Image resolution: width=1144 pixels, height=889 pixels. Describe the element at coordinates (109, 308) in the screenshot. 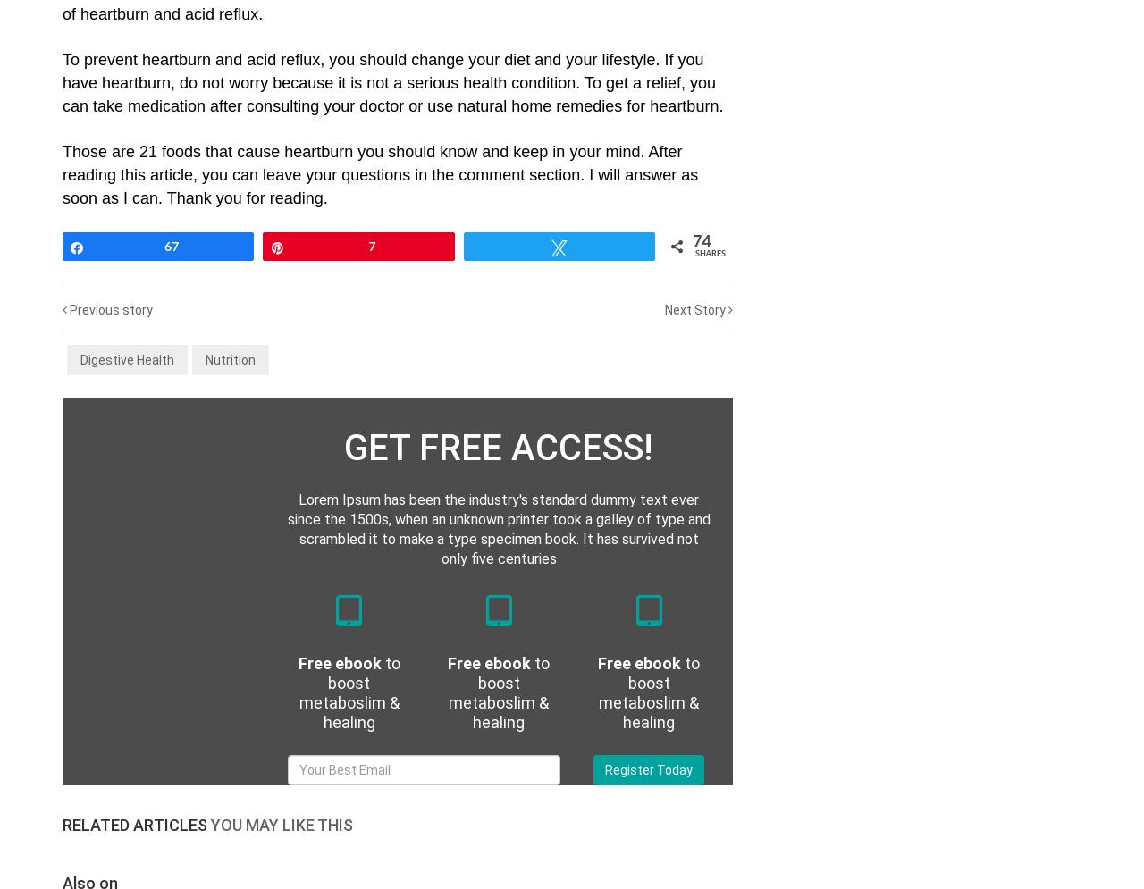

I see `'Previous story'` at that location.